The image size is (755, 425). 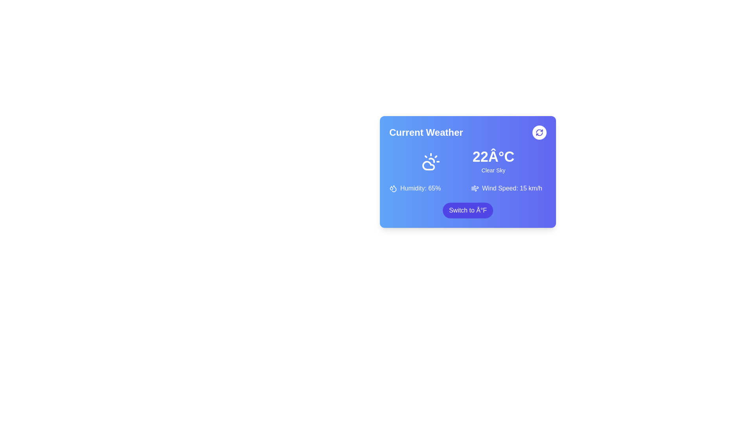 I want to click on the weather icon indicating 'Partly Cloudy with Sun', which is located to the left of the text '22°C' and 'Clear Sky', so click(x=430, y=161).